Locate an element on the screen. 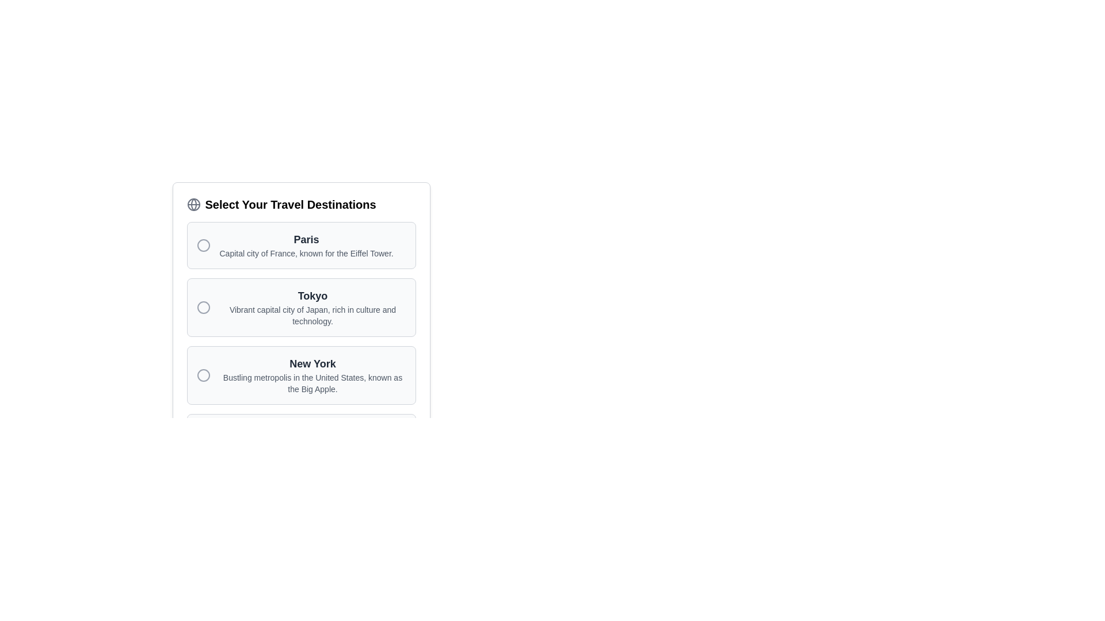 Image resolution: width=1105 pixels, height=621 pixels. the circular radio button indicating the travel destination 'Paris', located to the left of the text 'Paris' is located at coordinates (203, 245).